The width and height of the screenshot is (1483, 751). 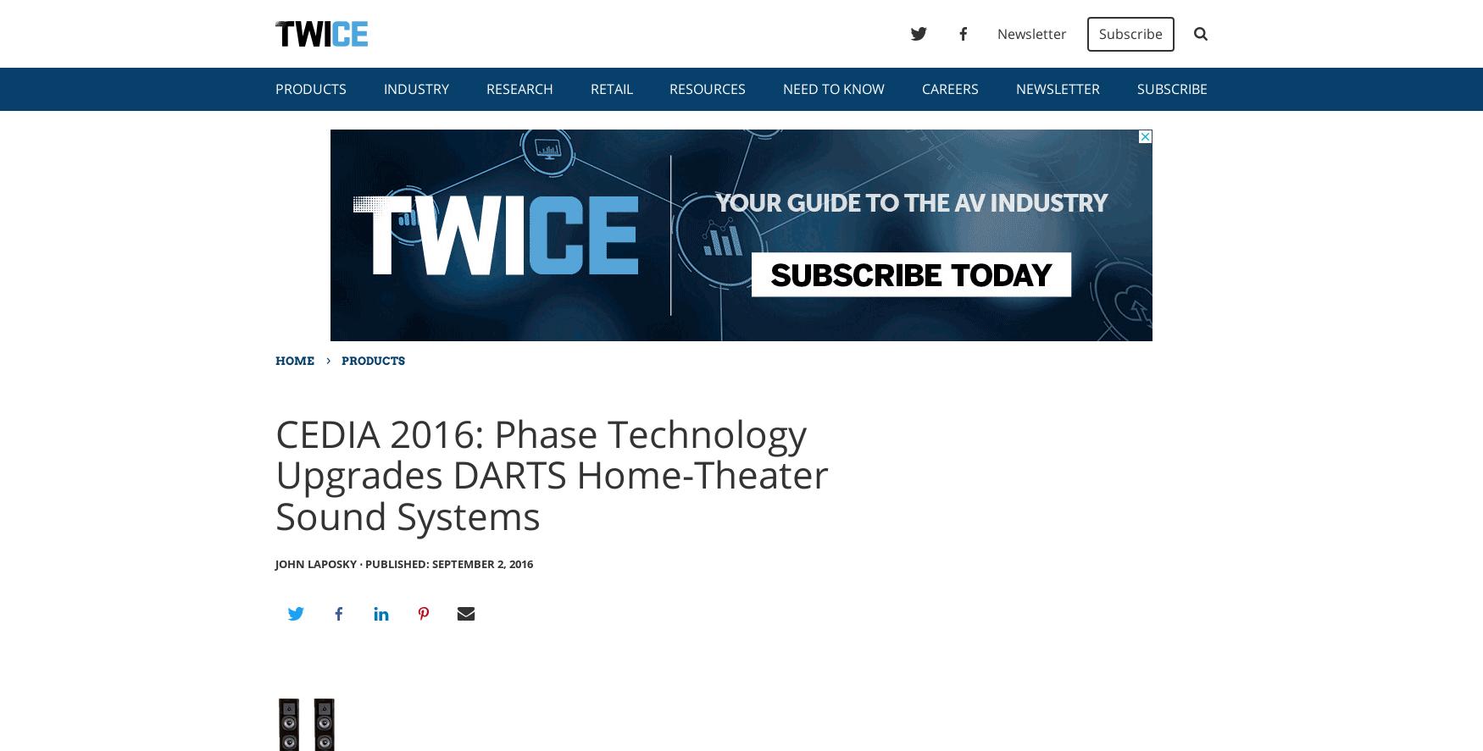 I want to click on 'Home', so click(x=294, y=361).